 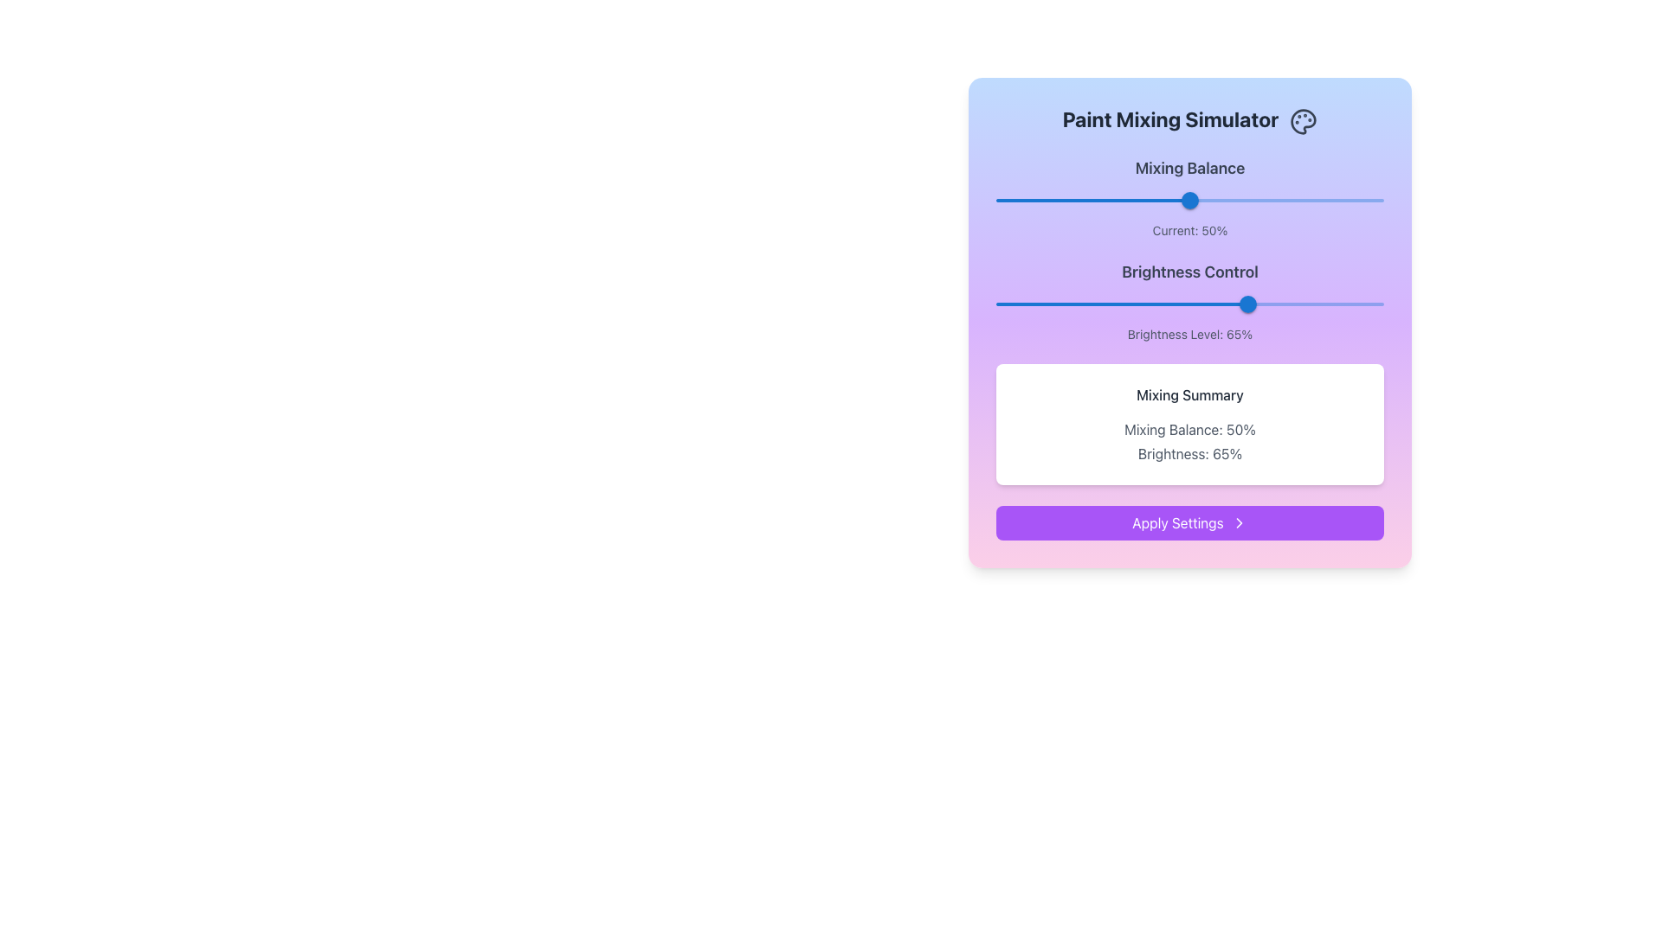 I want to click on the chevron icon located at the far-right edge of the 'Apply Settings' button to indicate a forward action or progression, so click(x=1238, y=521).